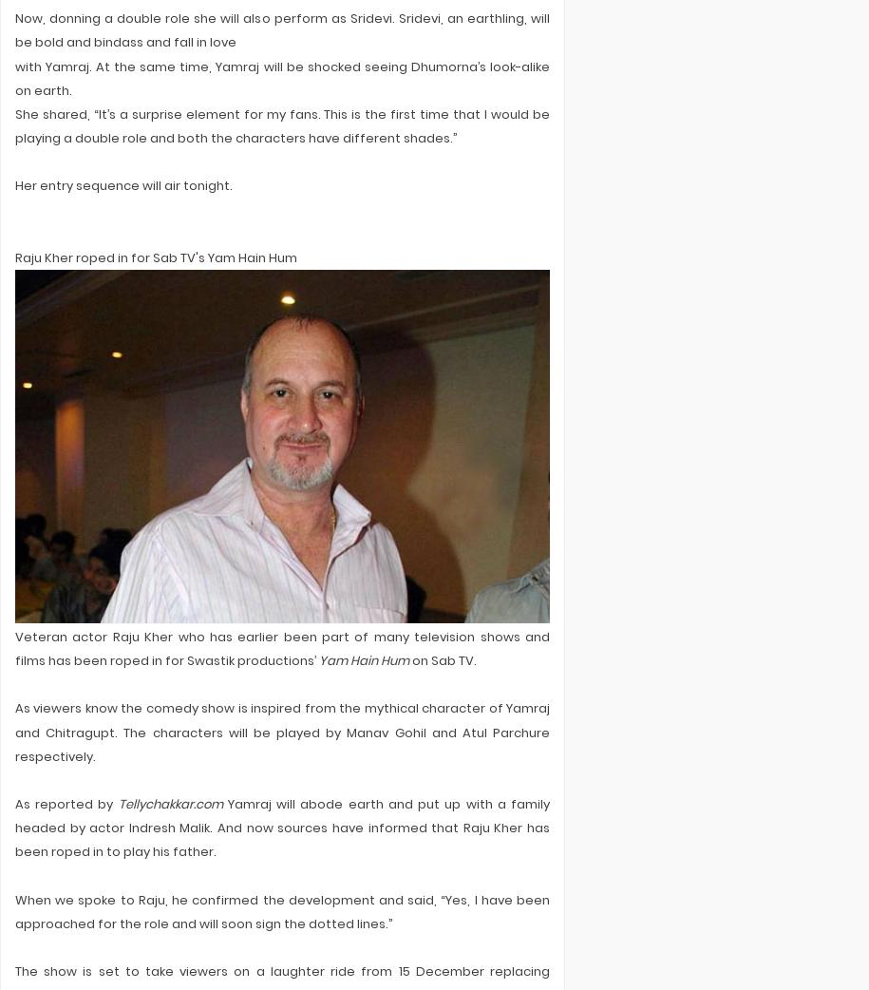  I want to click on 'Yamraj will abode earth and 
put up with a family headed by actor Indresh Malik. And now sources have
 informed that Raju Kher has been roped in to play his father.', so click(281, 827).